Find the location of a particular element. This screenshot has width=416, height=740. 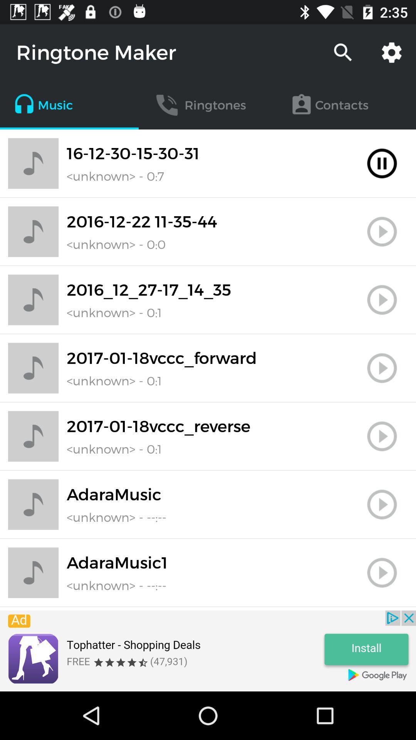

play option is located at coordinates (382, 368).